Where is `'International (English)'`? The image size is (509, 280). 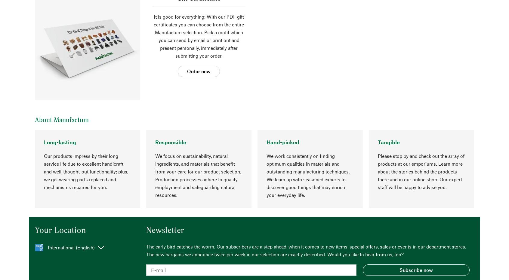 'International (English)' is located at coordinates (71, 247).